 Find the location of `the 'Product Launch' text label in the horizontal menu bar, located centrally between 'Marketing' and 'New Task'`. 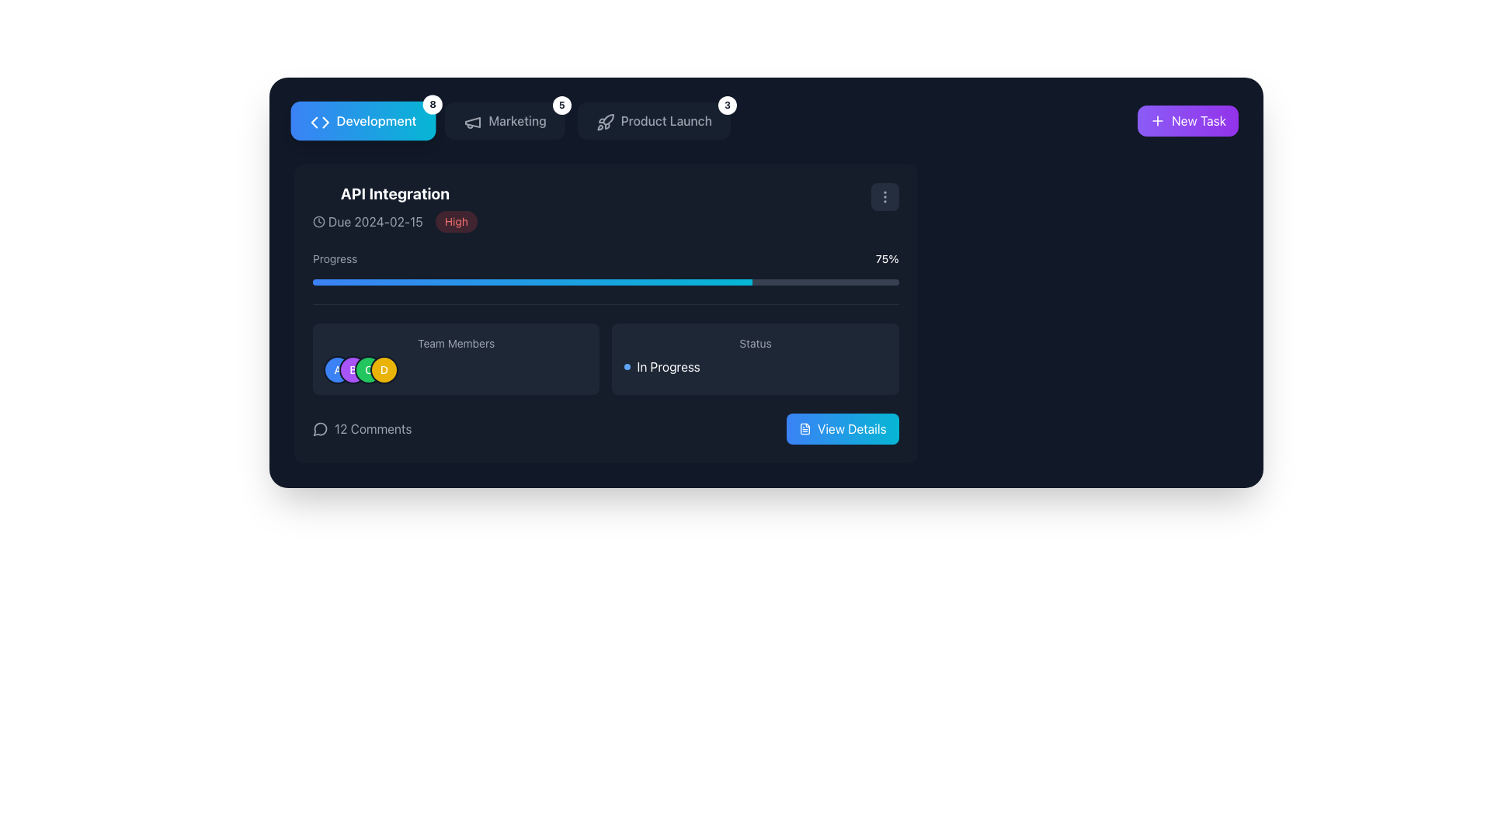

the 'Product Launch' text label in the horizontal menu bar, located centrally between 'Marketing' and 'New Task' is located at coordinates (666, 119).